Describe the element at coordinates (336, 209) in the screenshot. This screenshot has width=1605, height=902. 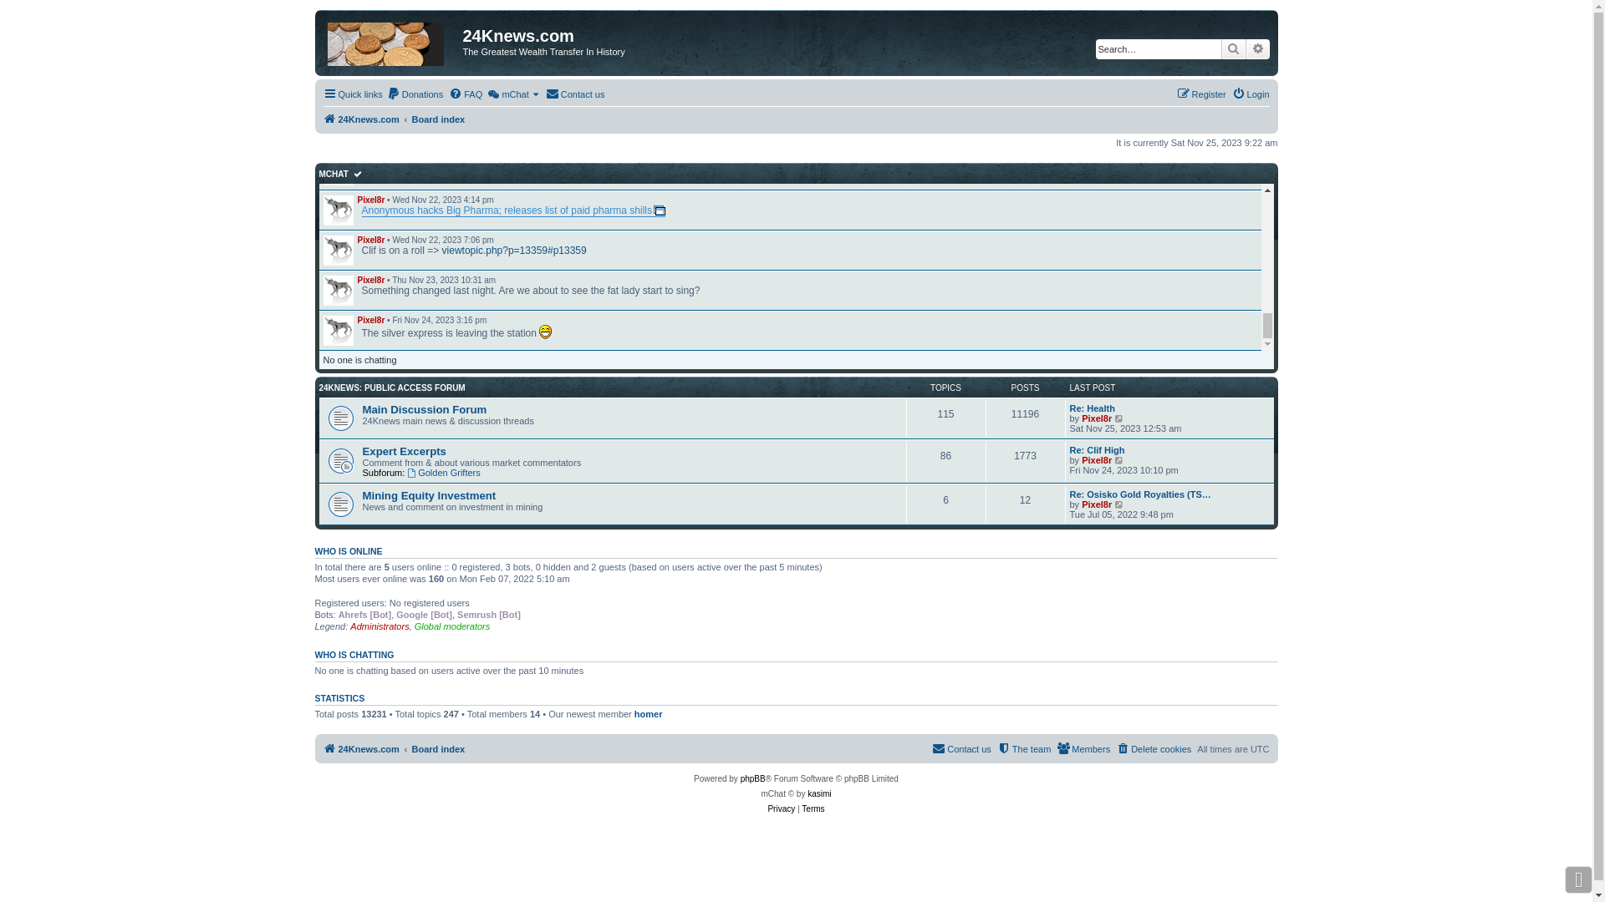
I see `'Profile'` at that location.